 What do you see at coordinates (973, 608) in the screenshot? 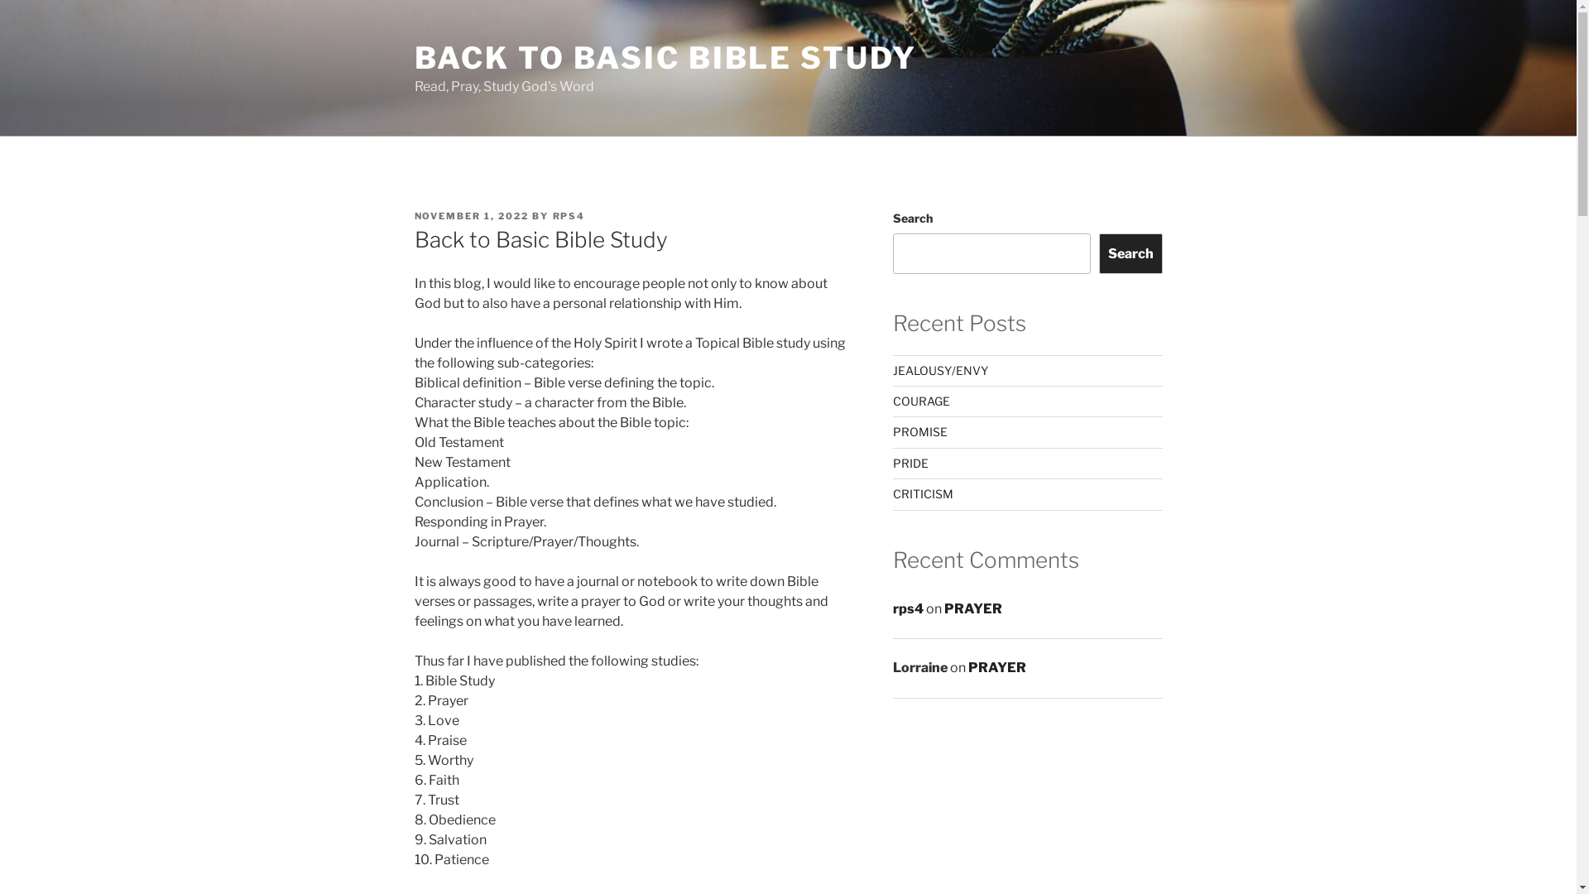
I see `'PRAYER'` at bounding box center [973, 608].